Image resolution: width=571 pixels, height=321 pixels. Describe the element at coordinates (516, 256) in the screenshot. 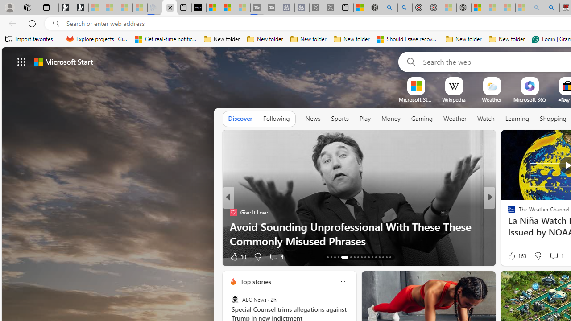

I see `'163 Like'` at that location.